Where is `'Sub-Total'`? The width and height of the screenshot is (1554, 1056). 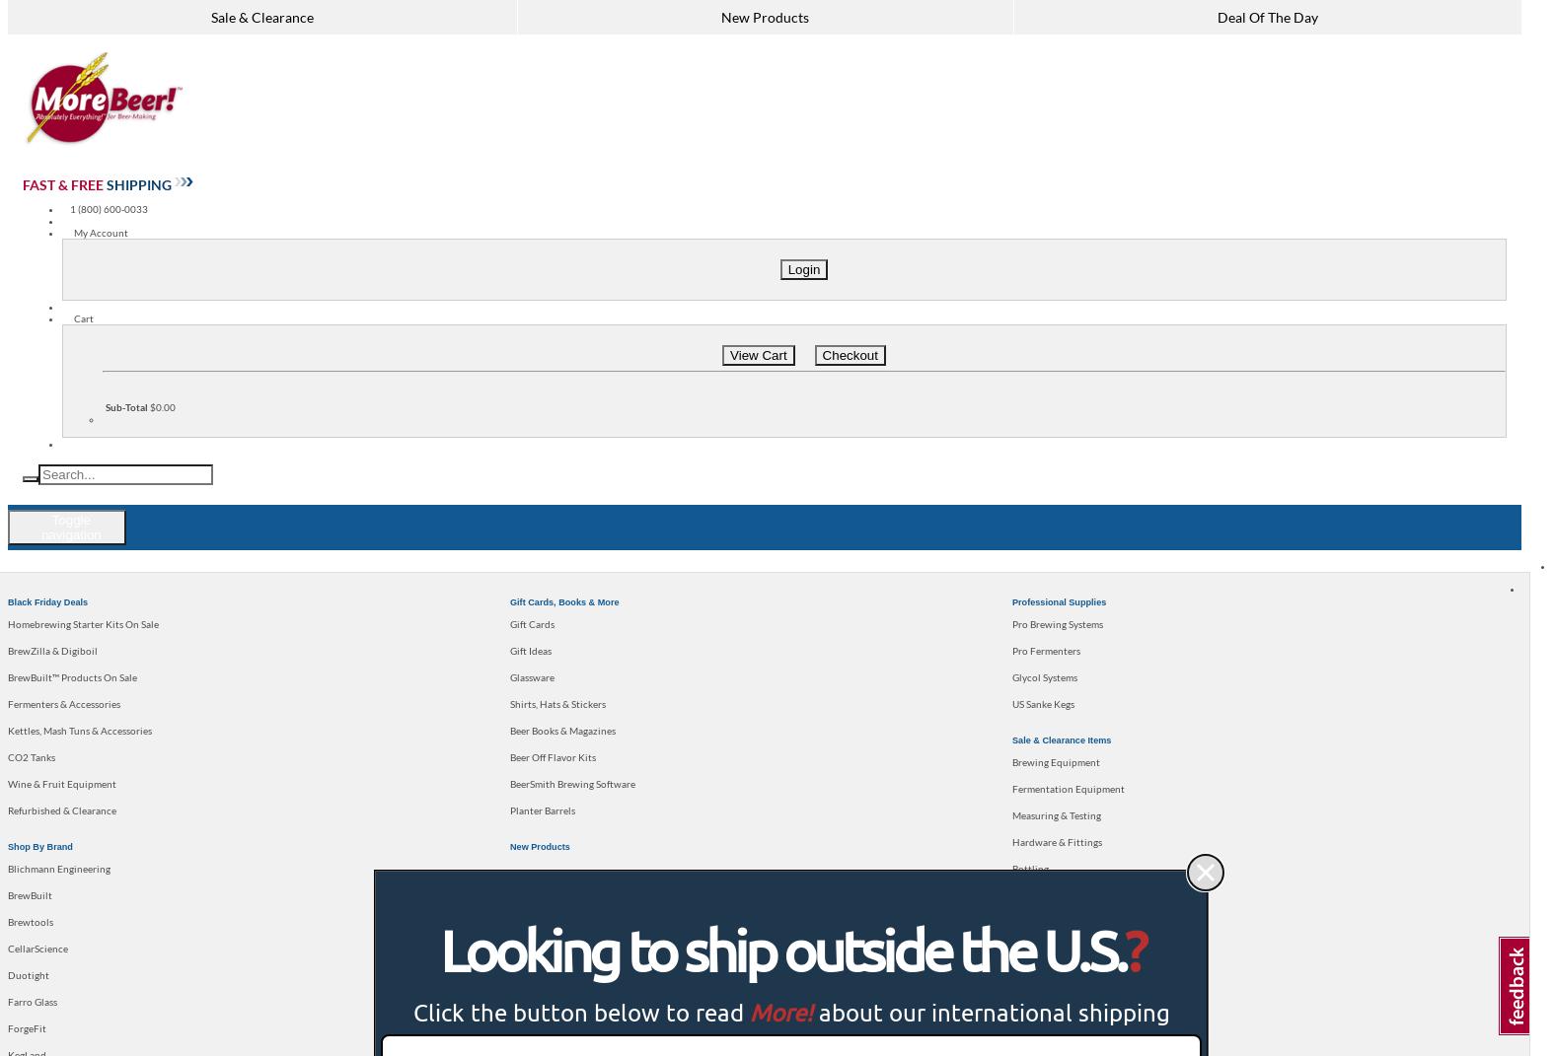
'Sub-Total' is located at coordinates (126, 406).